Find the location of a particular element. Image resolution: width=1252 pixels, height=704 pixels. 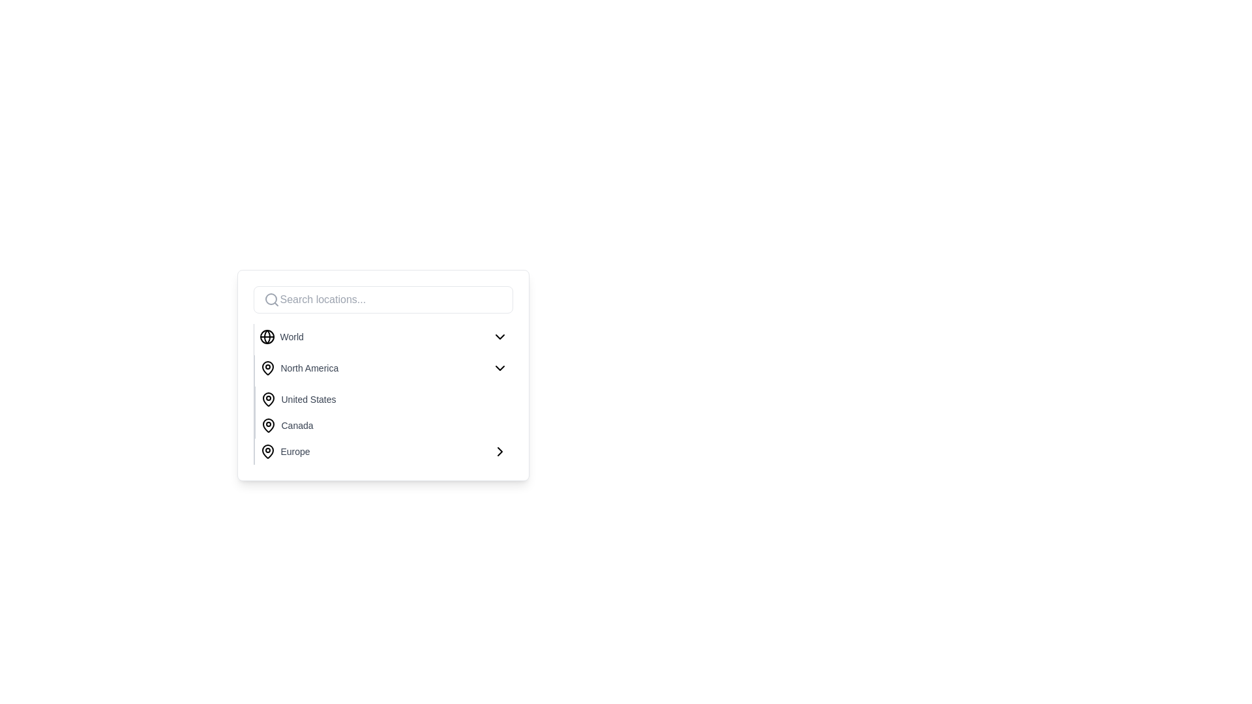

the 'Europe' menu item in the dropdown list is located at coordinates (284, 451).